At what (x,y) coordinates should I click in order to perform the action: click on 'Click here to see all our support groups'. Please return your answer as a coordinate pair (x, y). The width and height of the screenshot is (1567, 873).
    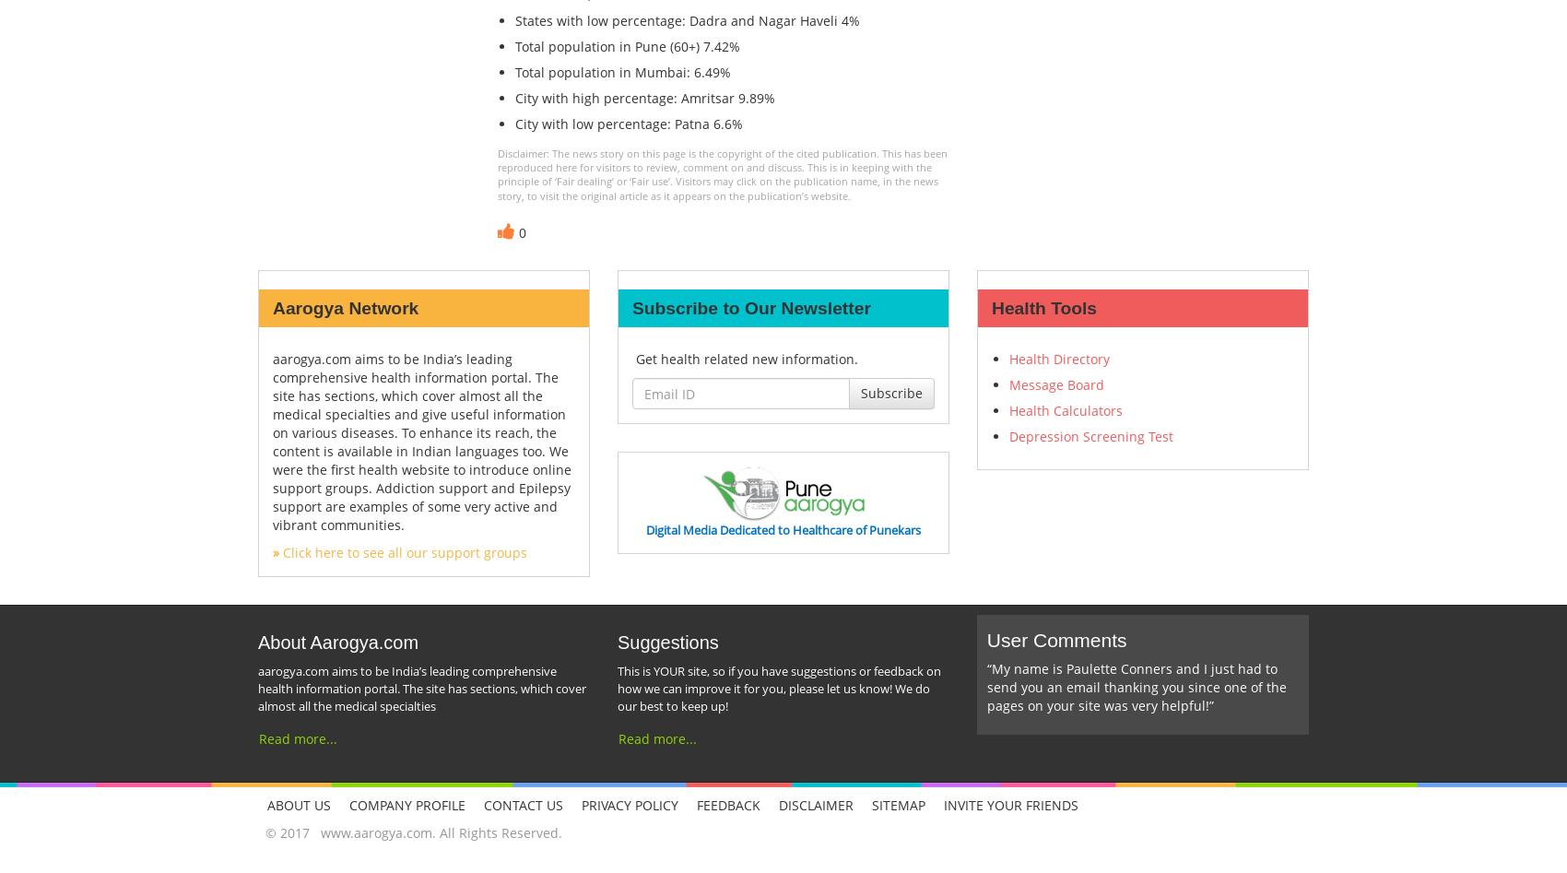
    Looking at the image, I should click on (403, 552).